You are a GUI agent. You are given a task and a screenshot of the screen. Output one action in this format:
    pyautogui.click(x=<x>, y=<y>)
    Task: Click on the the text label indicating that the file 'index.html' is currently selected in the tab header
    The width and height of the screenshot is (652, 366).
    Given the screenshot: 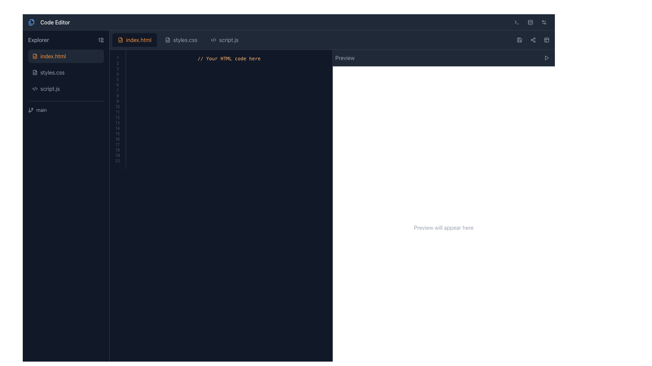 What is the action you would take?
    pyautogui.click(x=138, y=40)
    